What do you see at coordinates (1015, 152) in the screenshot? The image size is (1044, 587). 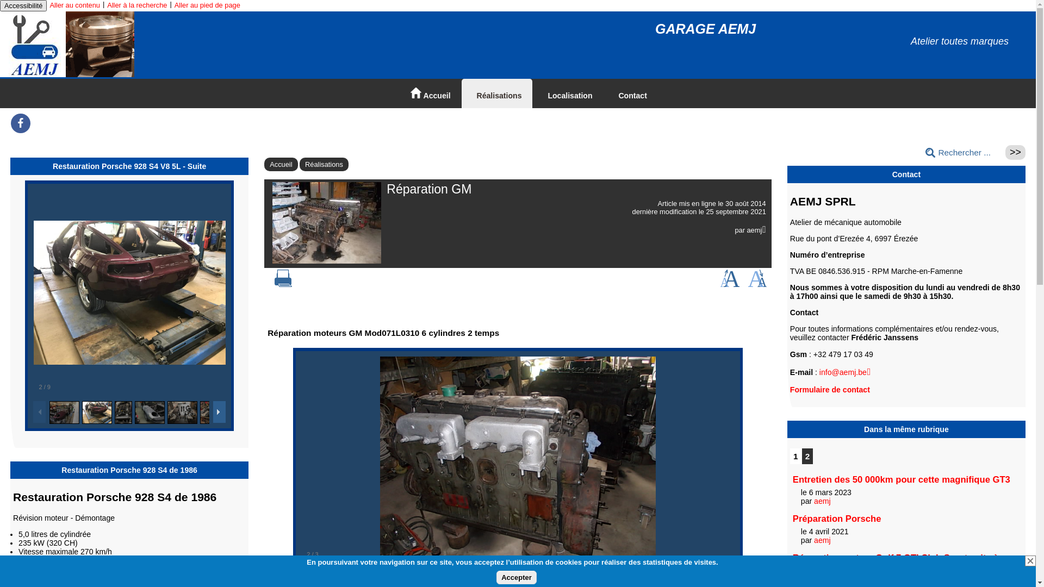 I see `'Rechercher'` at bounding box center [1015, 152].